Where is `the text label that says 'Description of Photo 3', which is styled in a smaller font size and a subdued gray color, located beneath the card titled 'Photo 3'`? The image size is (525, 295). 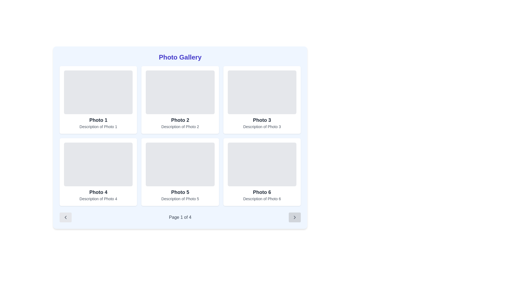
the text label that says 'Description of Photo 3', which is styled in a smaller font size and a subdued gray color, located beneath the card titled 'Photo 3' is located at coordinates (262, 126).